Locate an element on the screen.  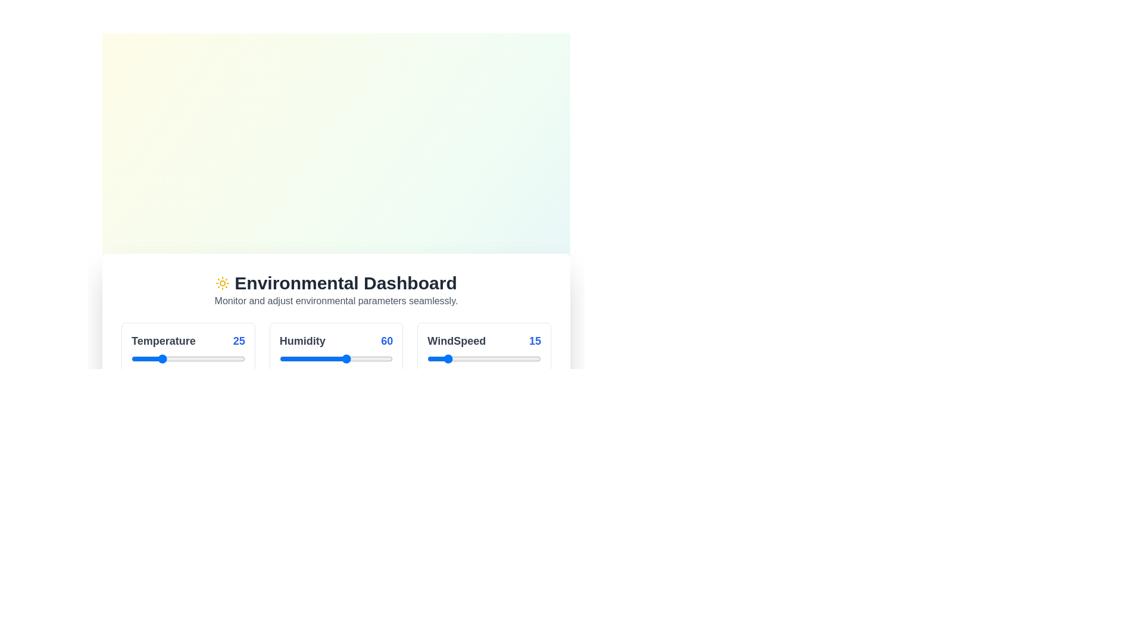
the bold, blue text displaying the number '15' that represents wind speed, located next to the 'WindSpeed' label in the bottom section of the environmental monitoring interface is located at coordinates (534, 341).